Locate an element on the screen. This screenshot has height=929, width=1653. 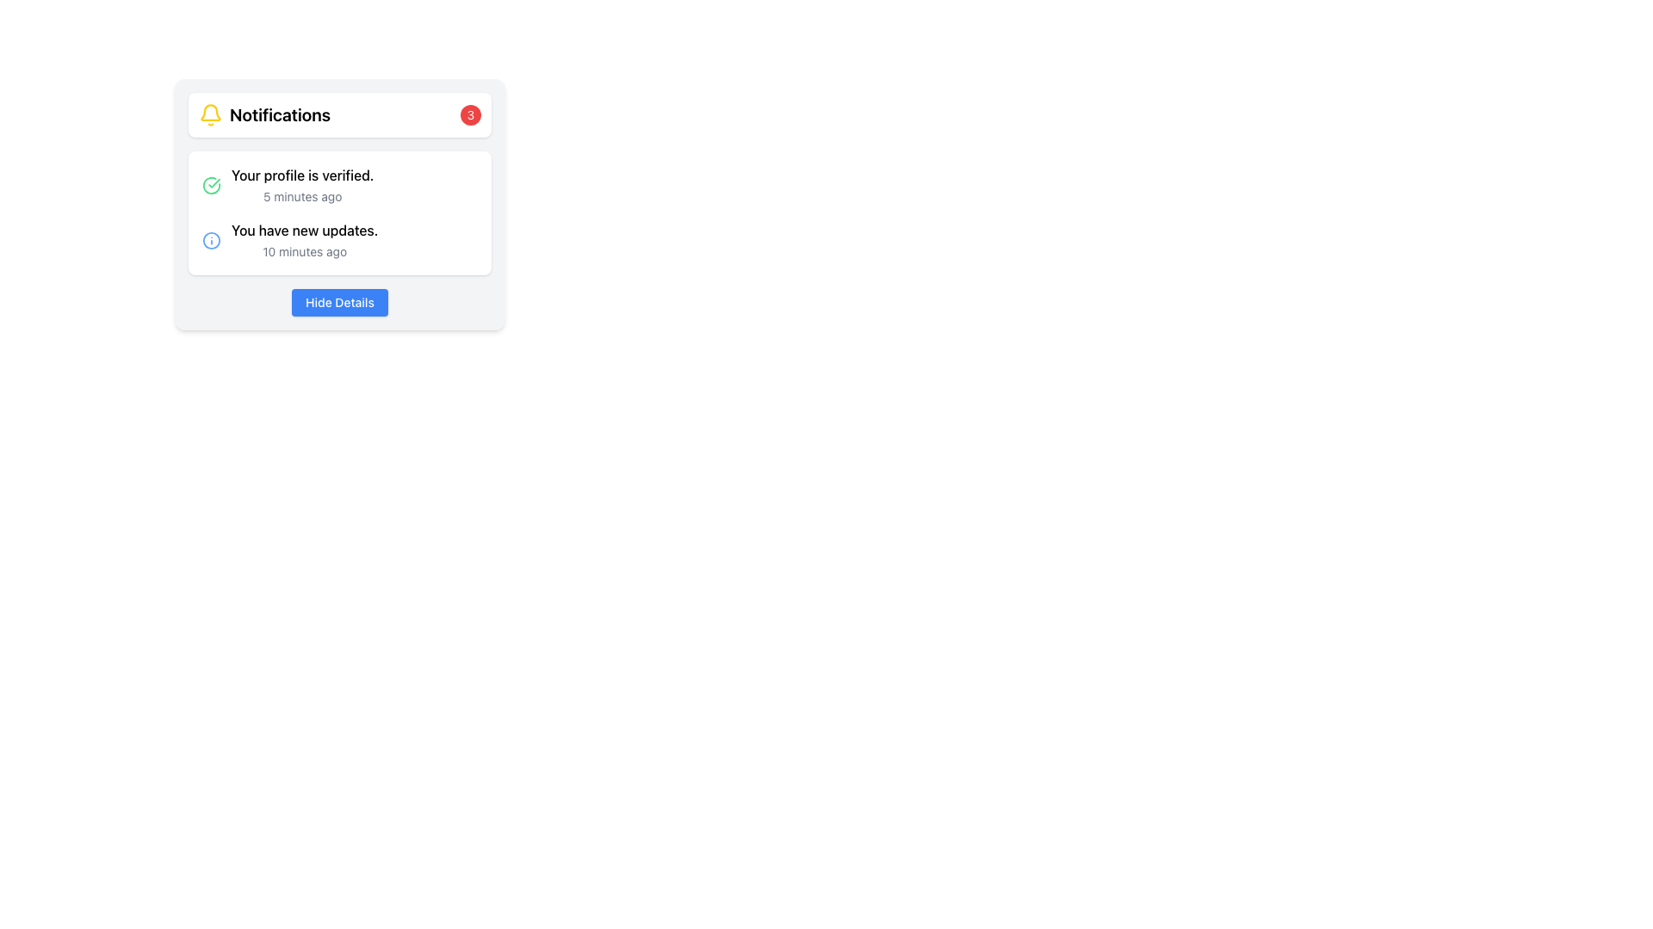
the circular green icon with a checkmark that indicates a verified status, located to the left of the text 'Your profile is verified.' is located at coordinates (210, 186).